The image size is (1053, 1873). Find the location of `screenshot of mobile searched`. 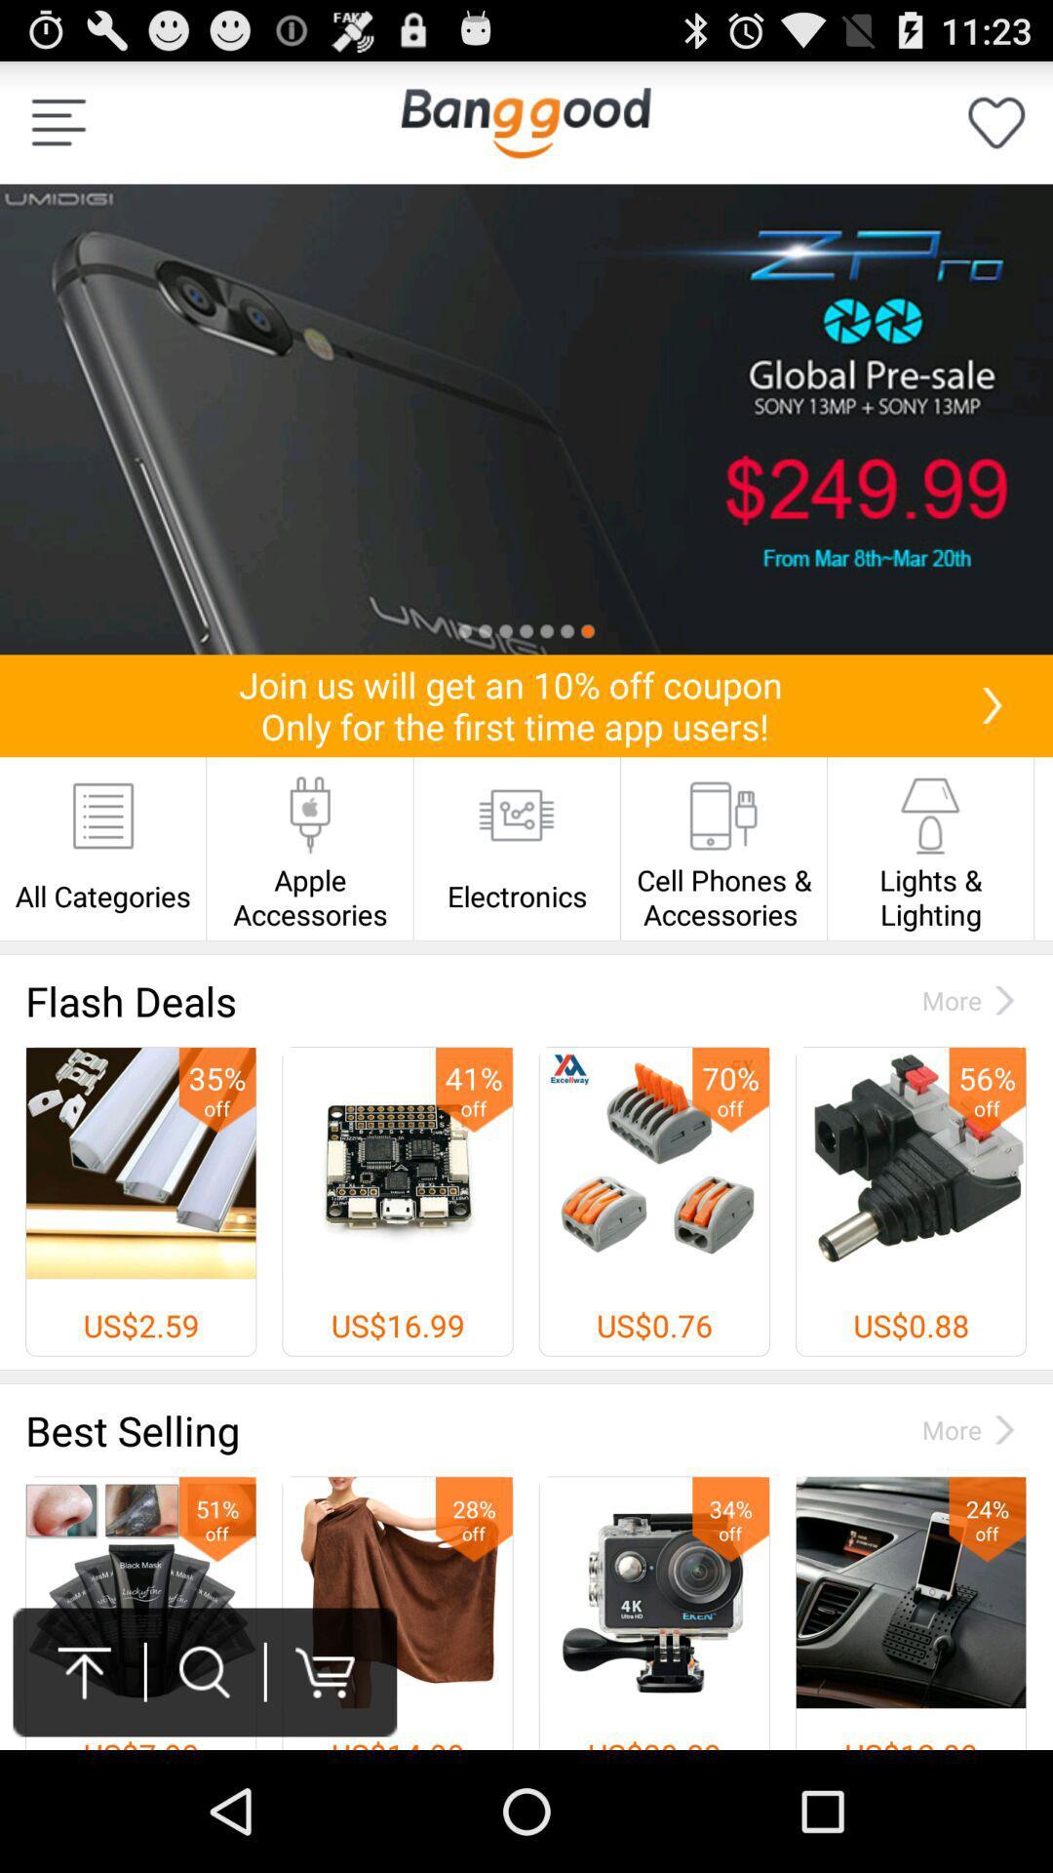

screenshot of mobile searched is located at coordinates (526, 418).